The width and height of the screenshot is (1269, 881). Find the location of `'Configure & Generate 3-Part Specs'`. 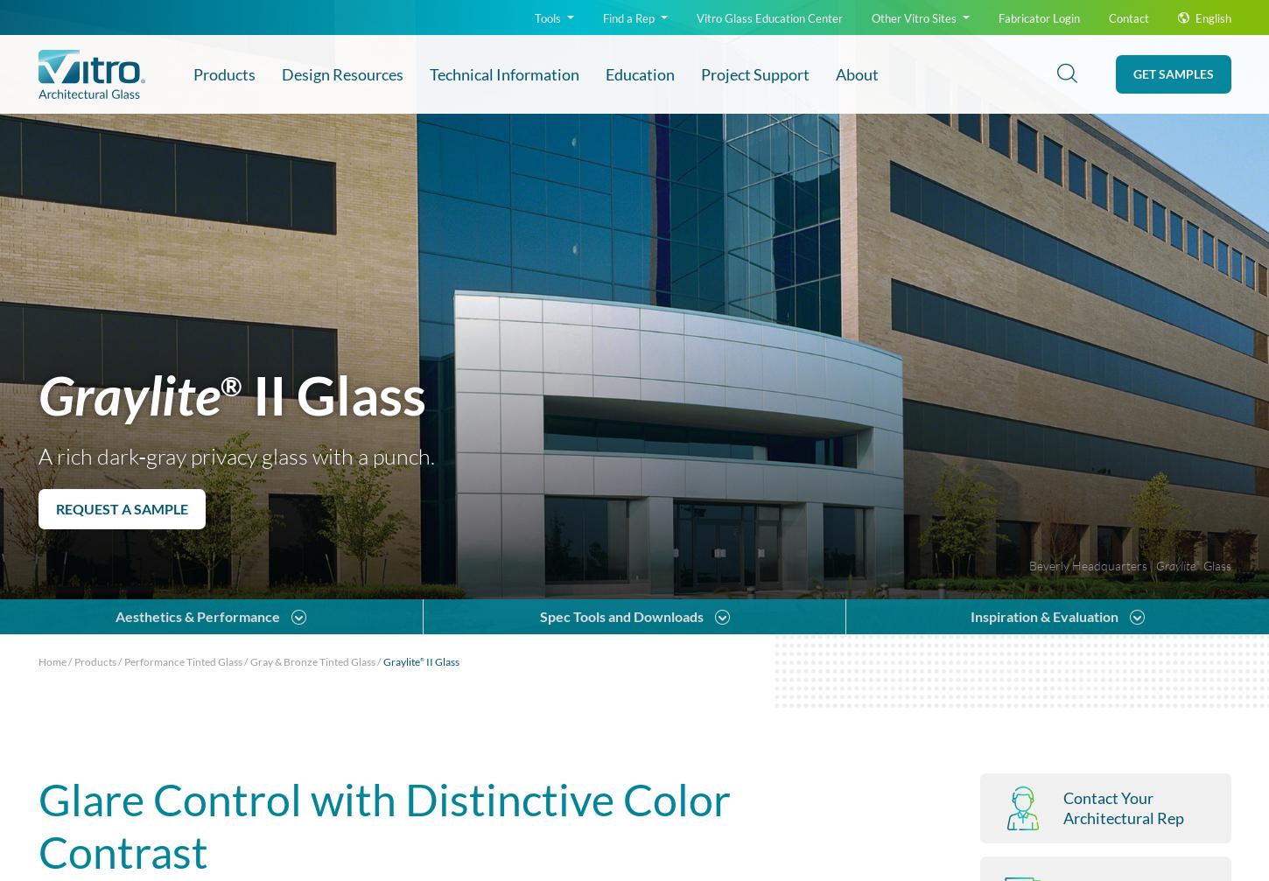

'Configure & Generate 3-Part Specs' is located at coordinates (196, 388).